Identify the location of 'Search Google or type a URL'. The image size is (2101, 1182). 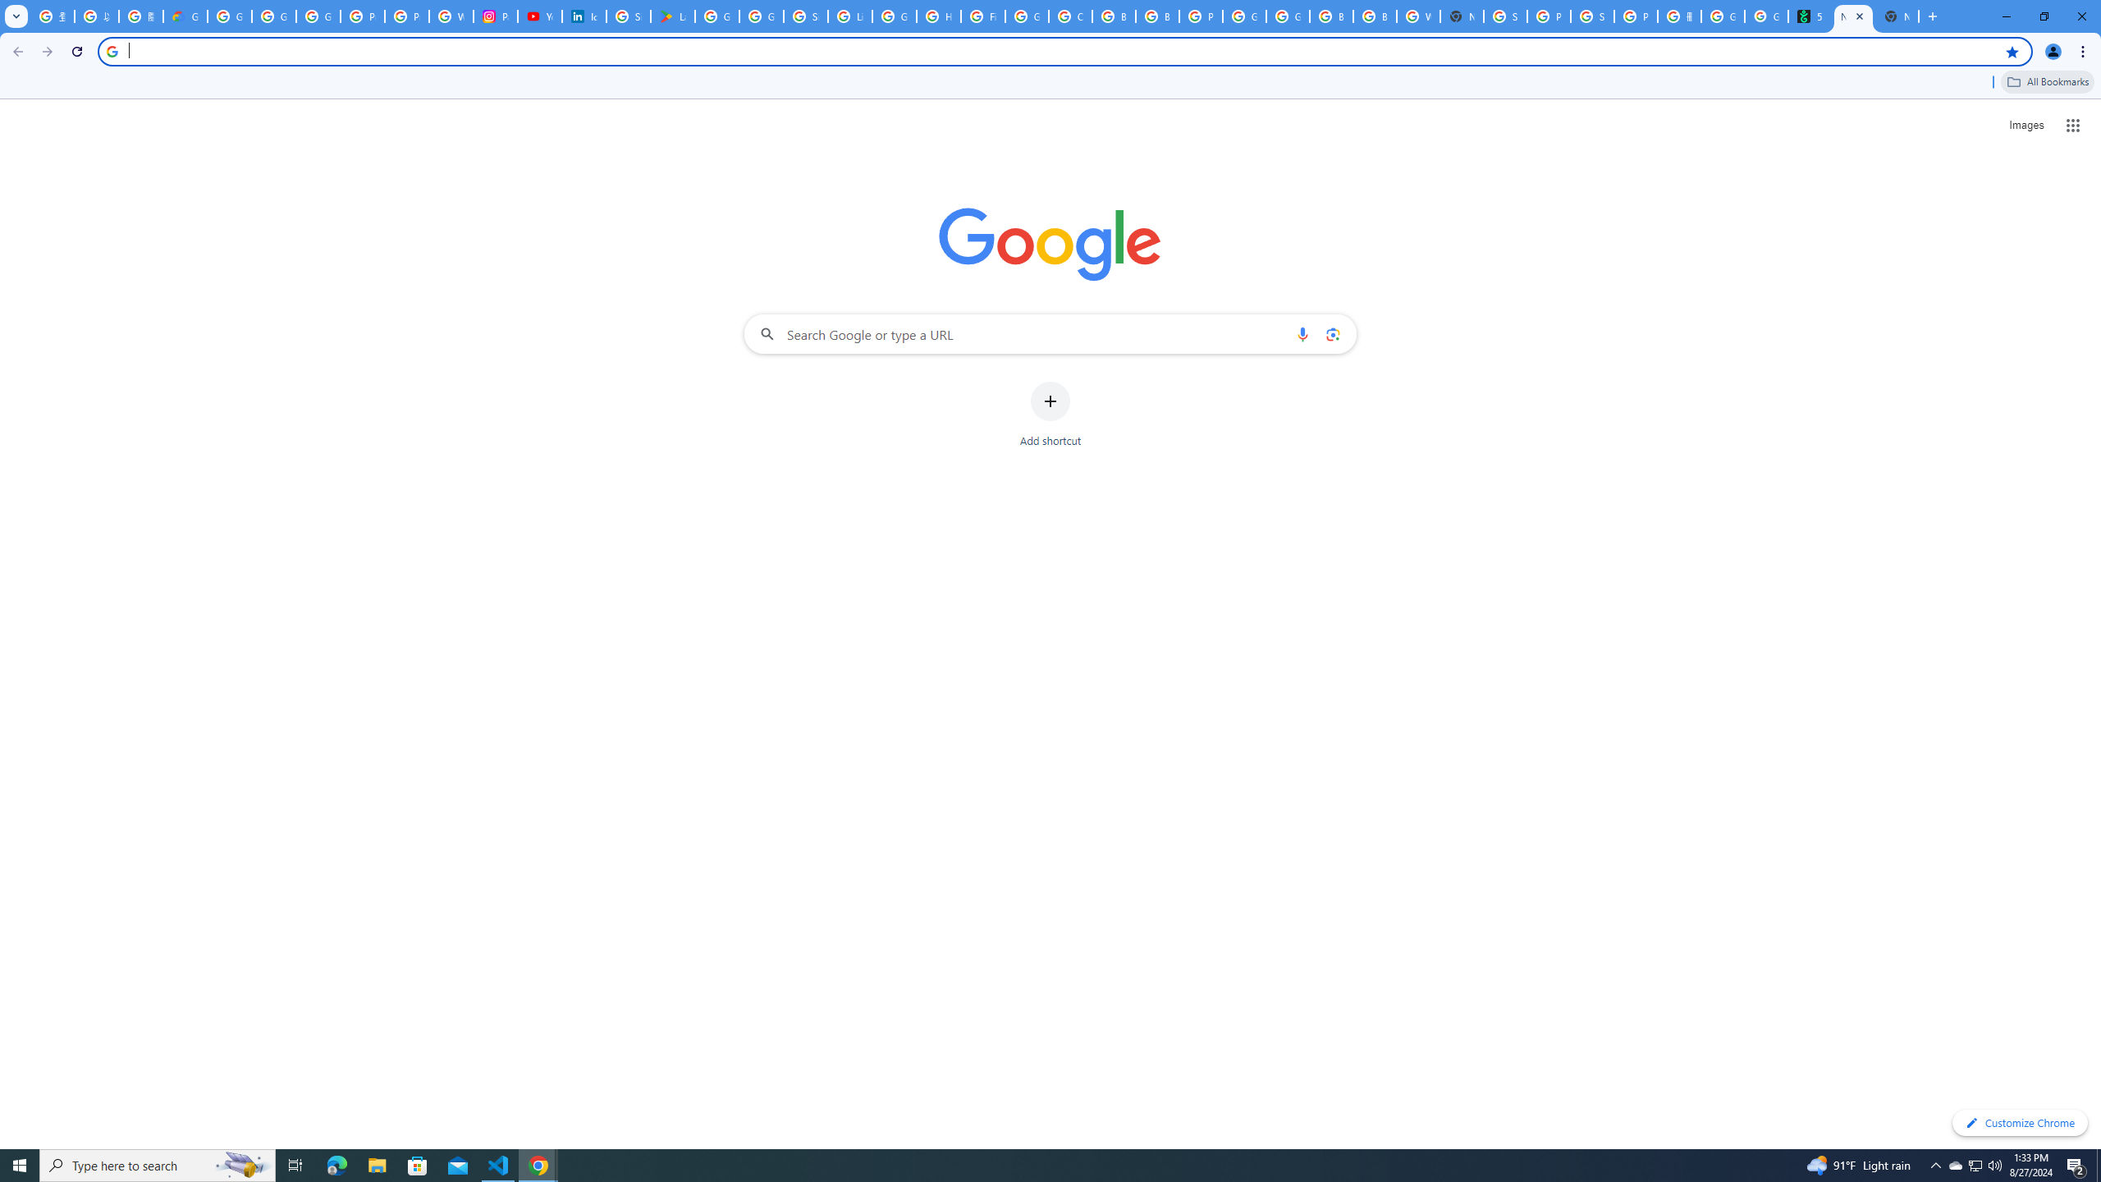
(1050, 332).